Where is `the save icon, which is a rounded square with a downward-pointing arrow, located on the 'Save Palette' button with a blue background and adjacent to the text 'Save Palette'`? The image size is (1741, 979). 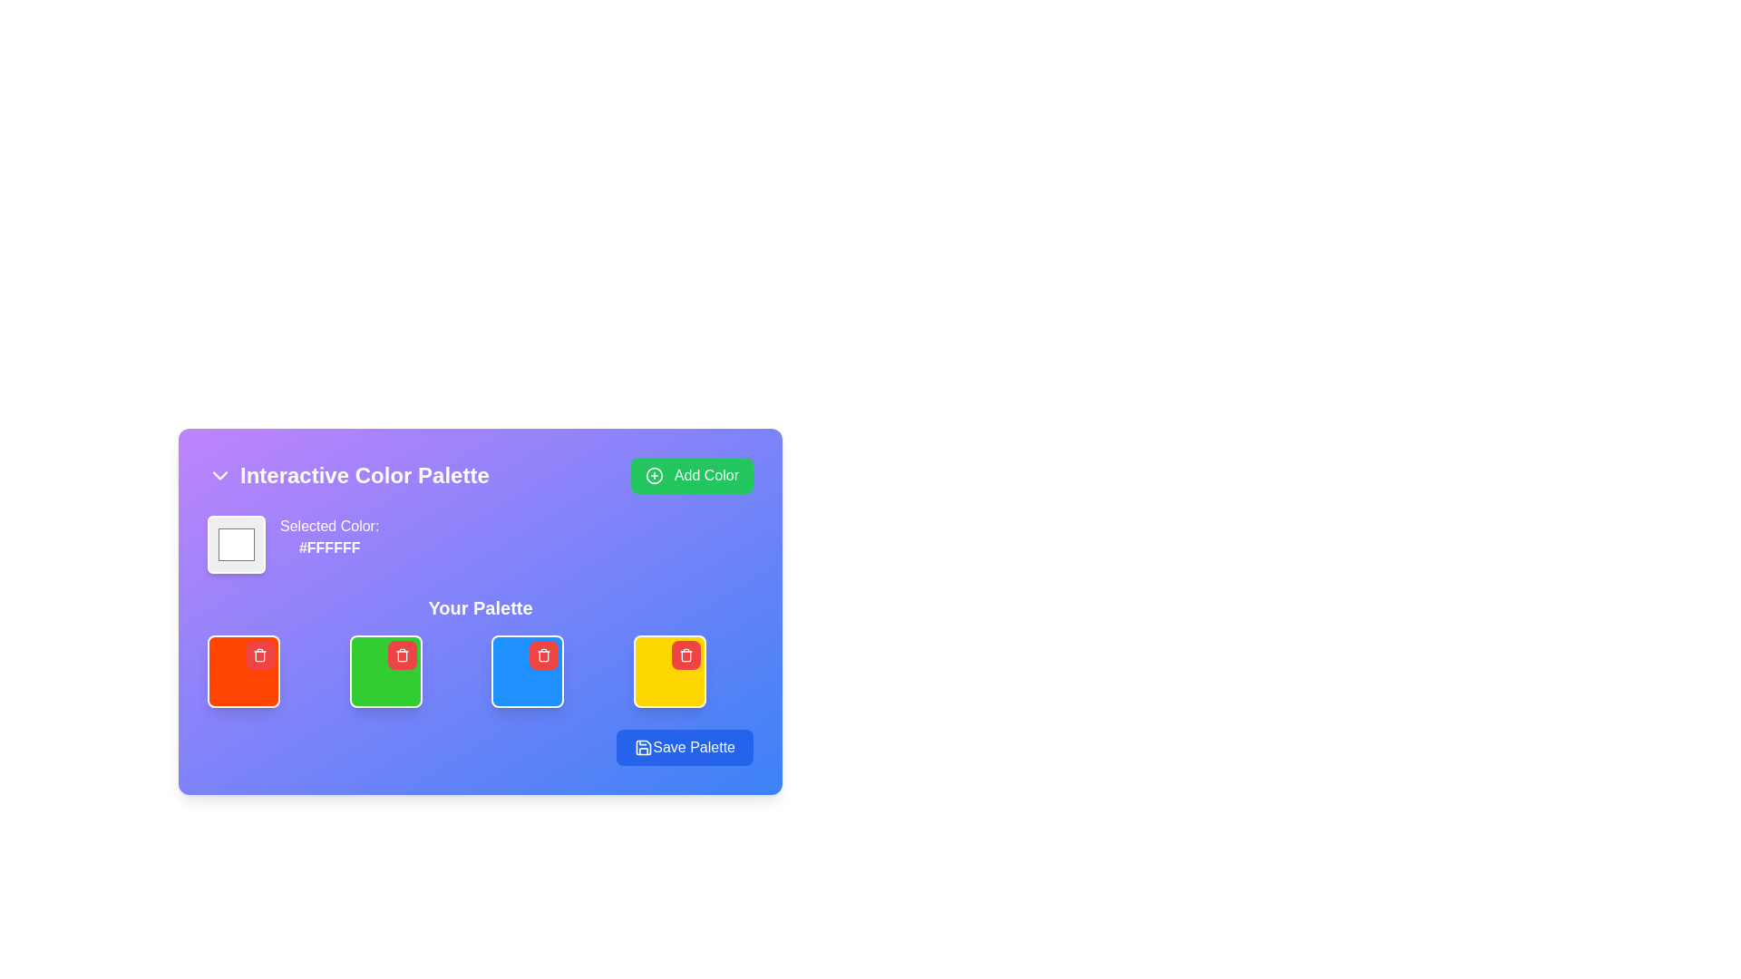 the save icon, which is a rounded square with a downward-pointing arrow, located on the 'Save Palette' button with a blue background and adjacent to the text 'Save Palette' is located at coordinates (644, 748).